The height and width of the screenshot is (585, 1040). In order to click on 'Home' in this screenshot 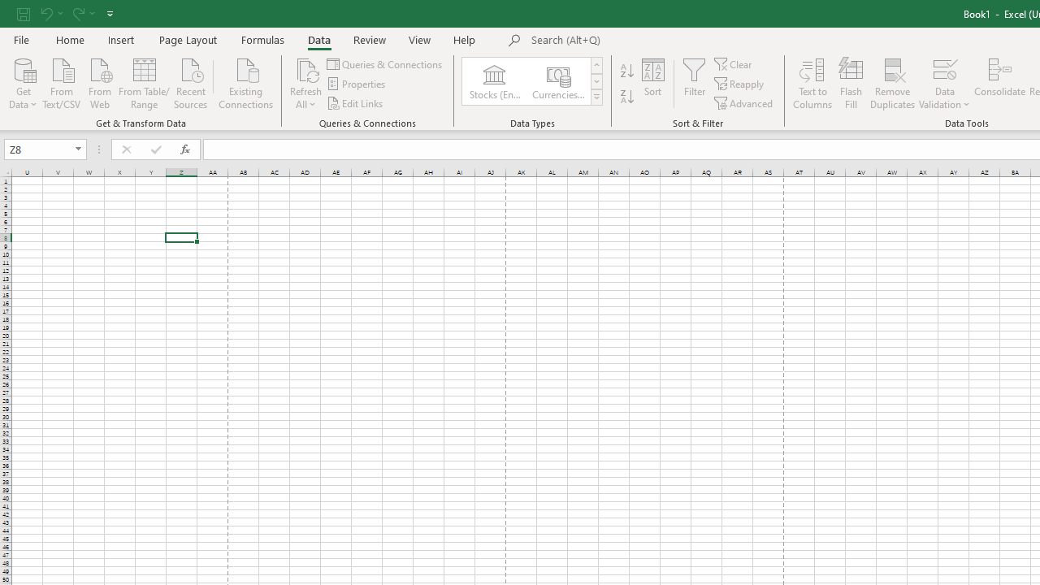, I will do `click(69, 39)`.